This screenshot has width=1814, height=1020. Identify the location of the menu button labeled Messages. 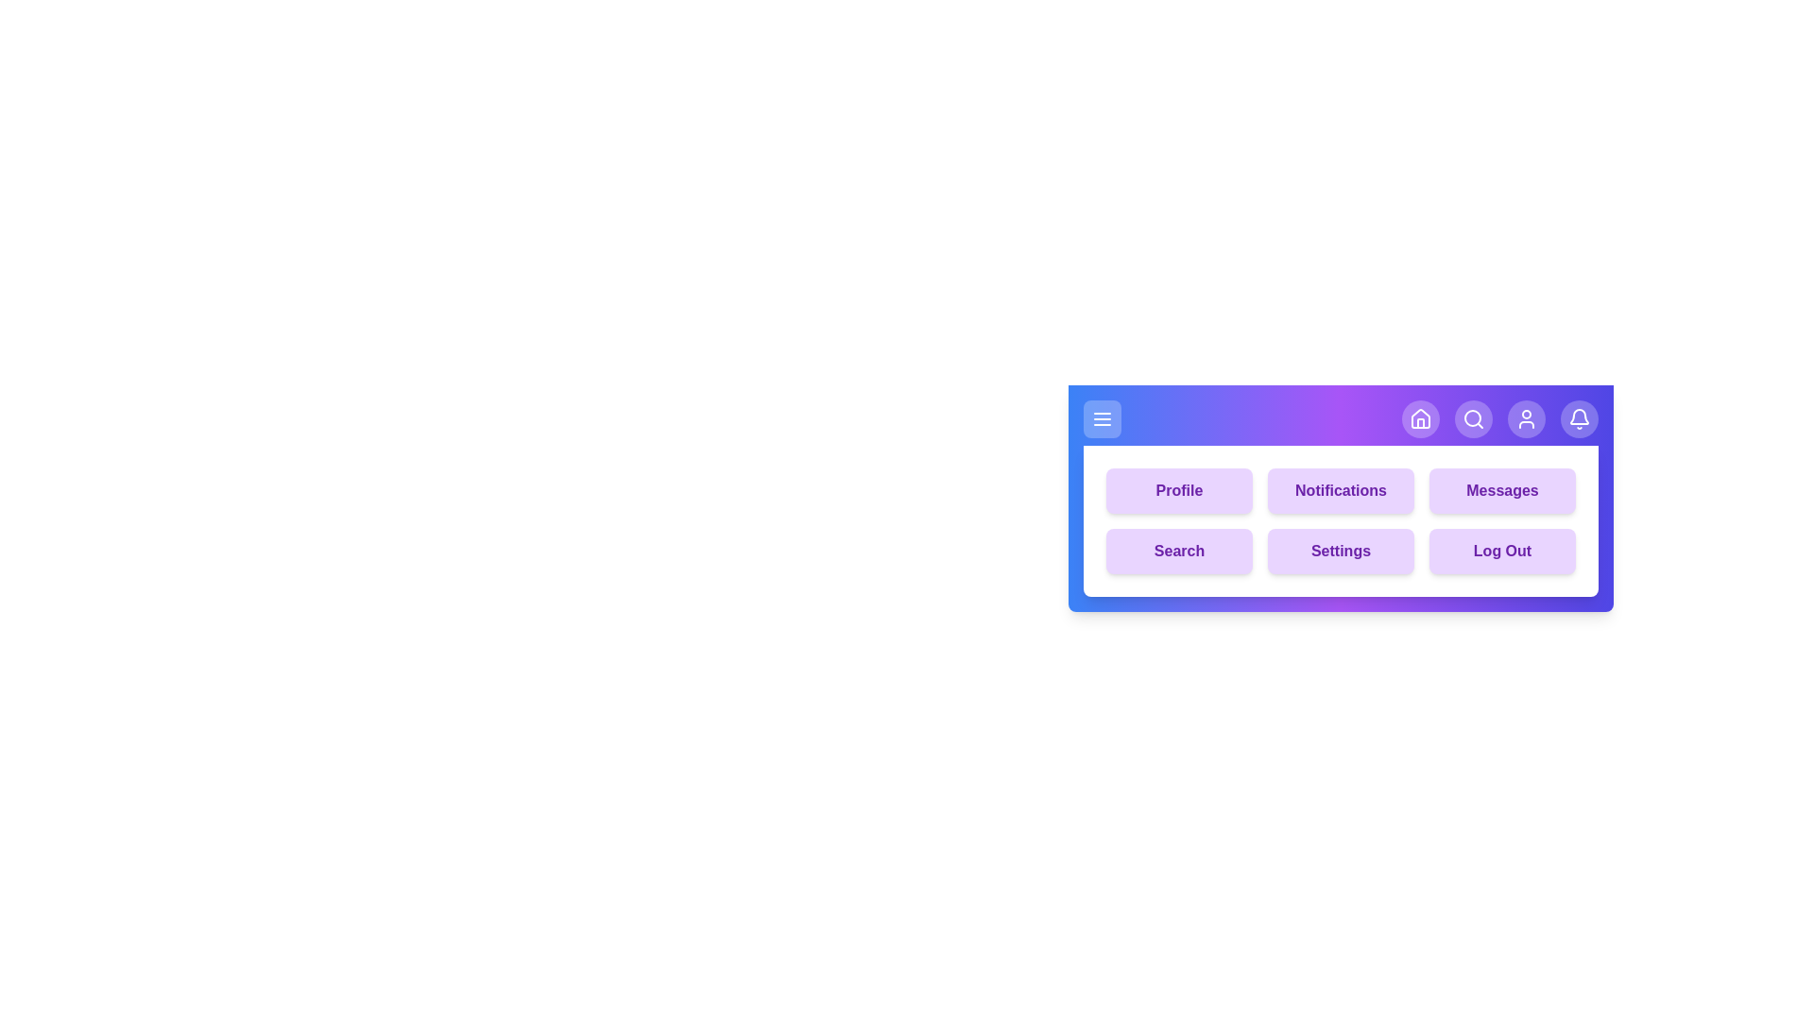
(1501, 490).